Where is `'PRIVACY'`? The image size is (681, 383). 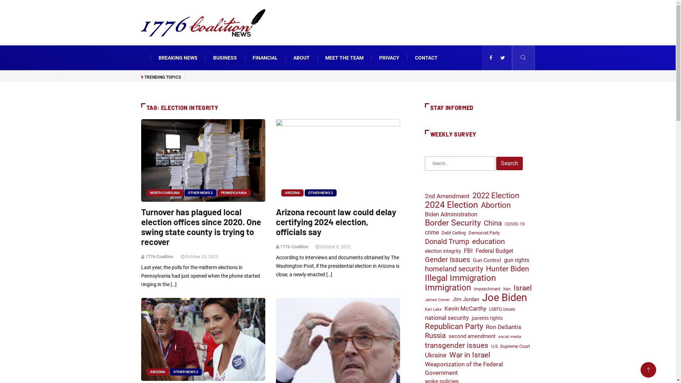 'PRIVACY' is located at coordinates (388, 57).